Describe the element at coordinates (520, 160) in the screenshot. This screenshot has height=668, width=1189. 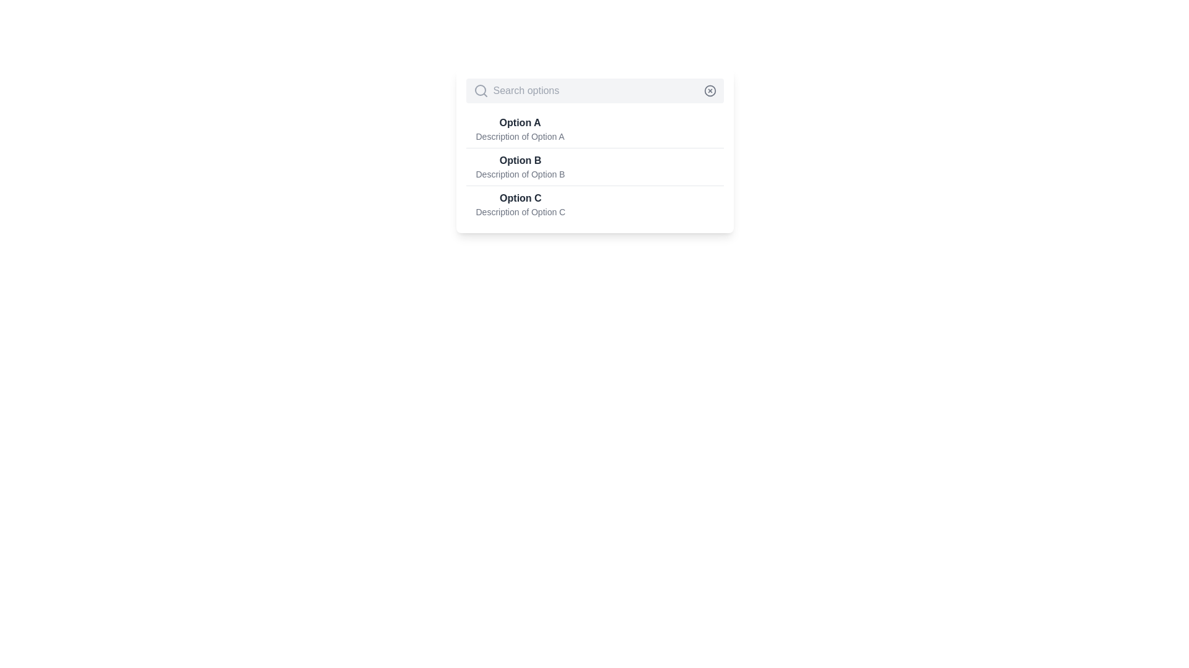
I see `the text label 'Option B' in the dropdown menu, which is bold and dark colored, located in the second row between 'Option A' and 'Option C'` at that location.